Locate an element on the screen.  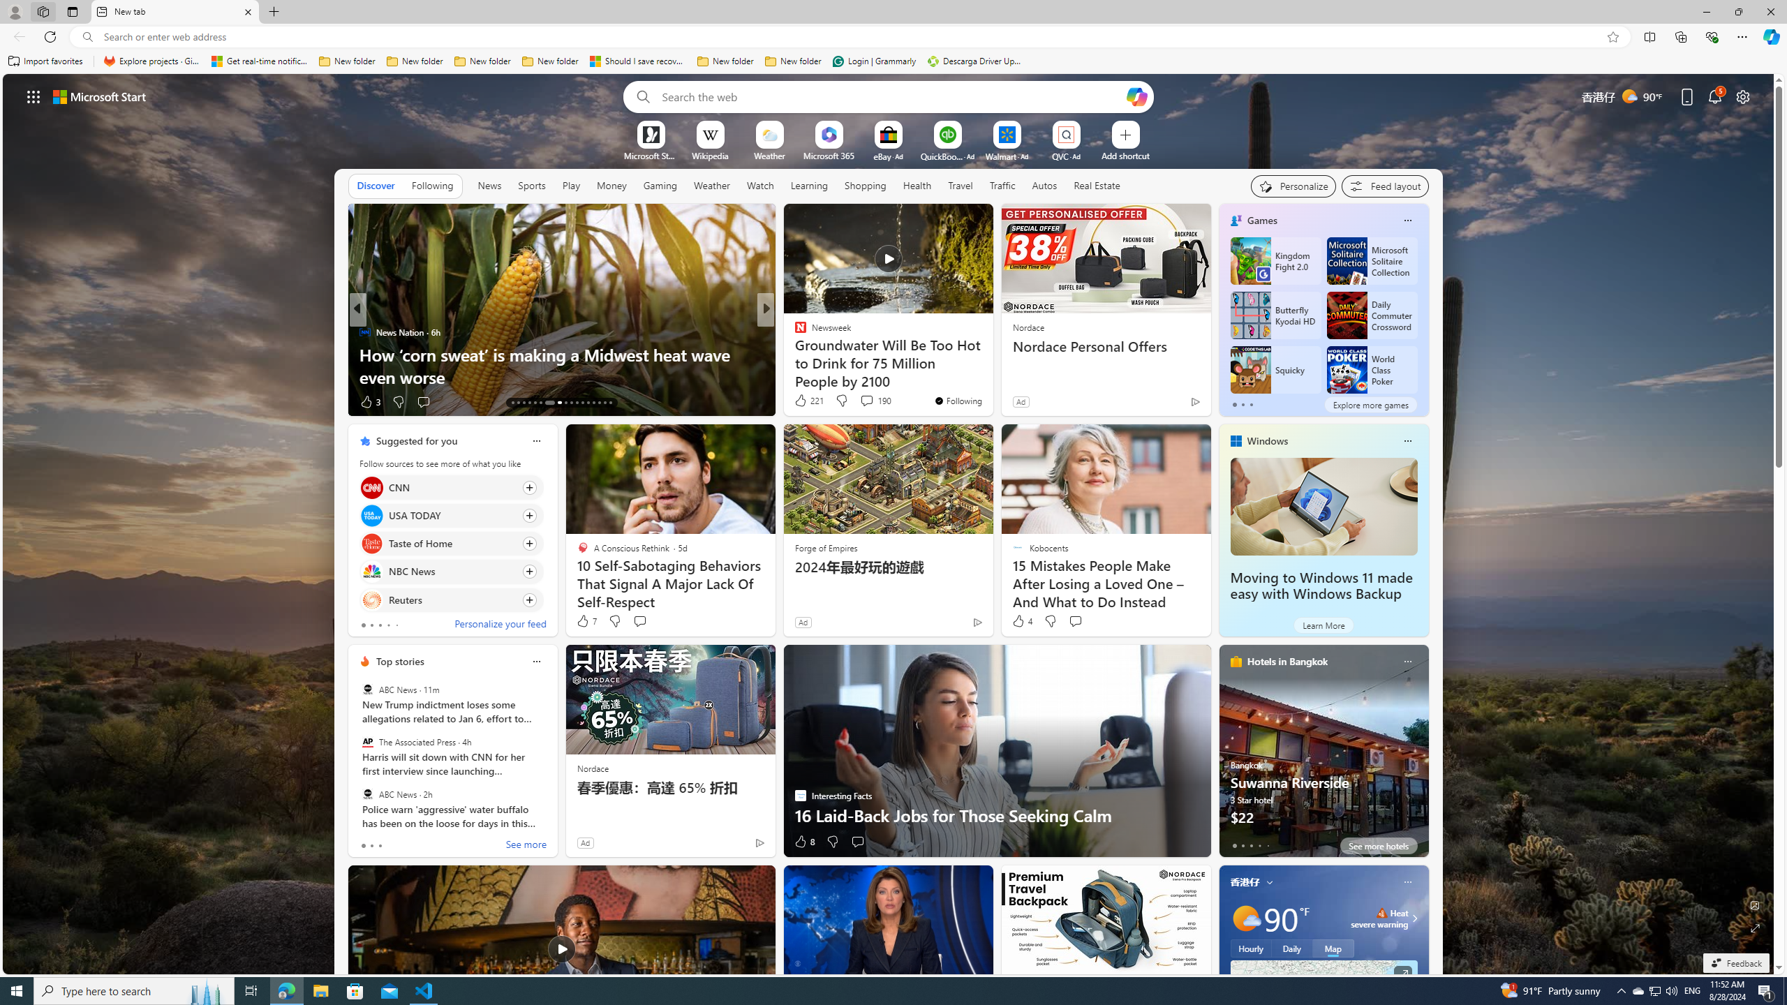
'News Nation' is located at coordinates (364, 331).